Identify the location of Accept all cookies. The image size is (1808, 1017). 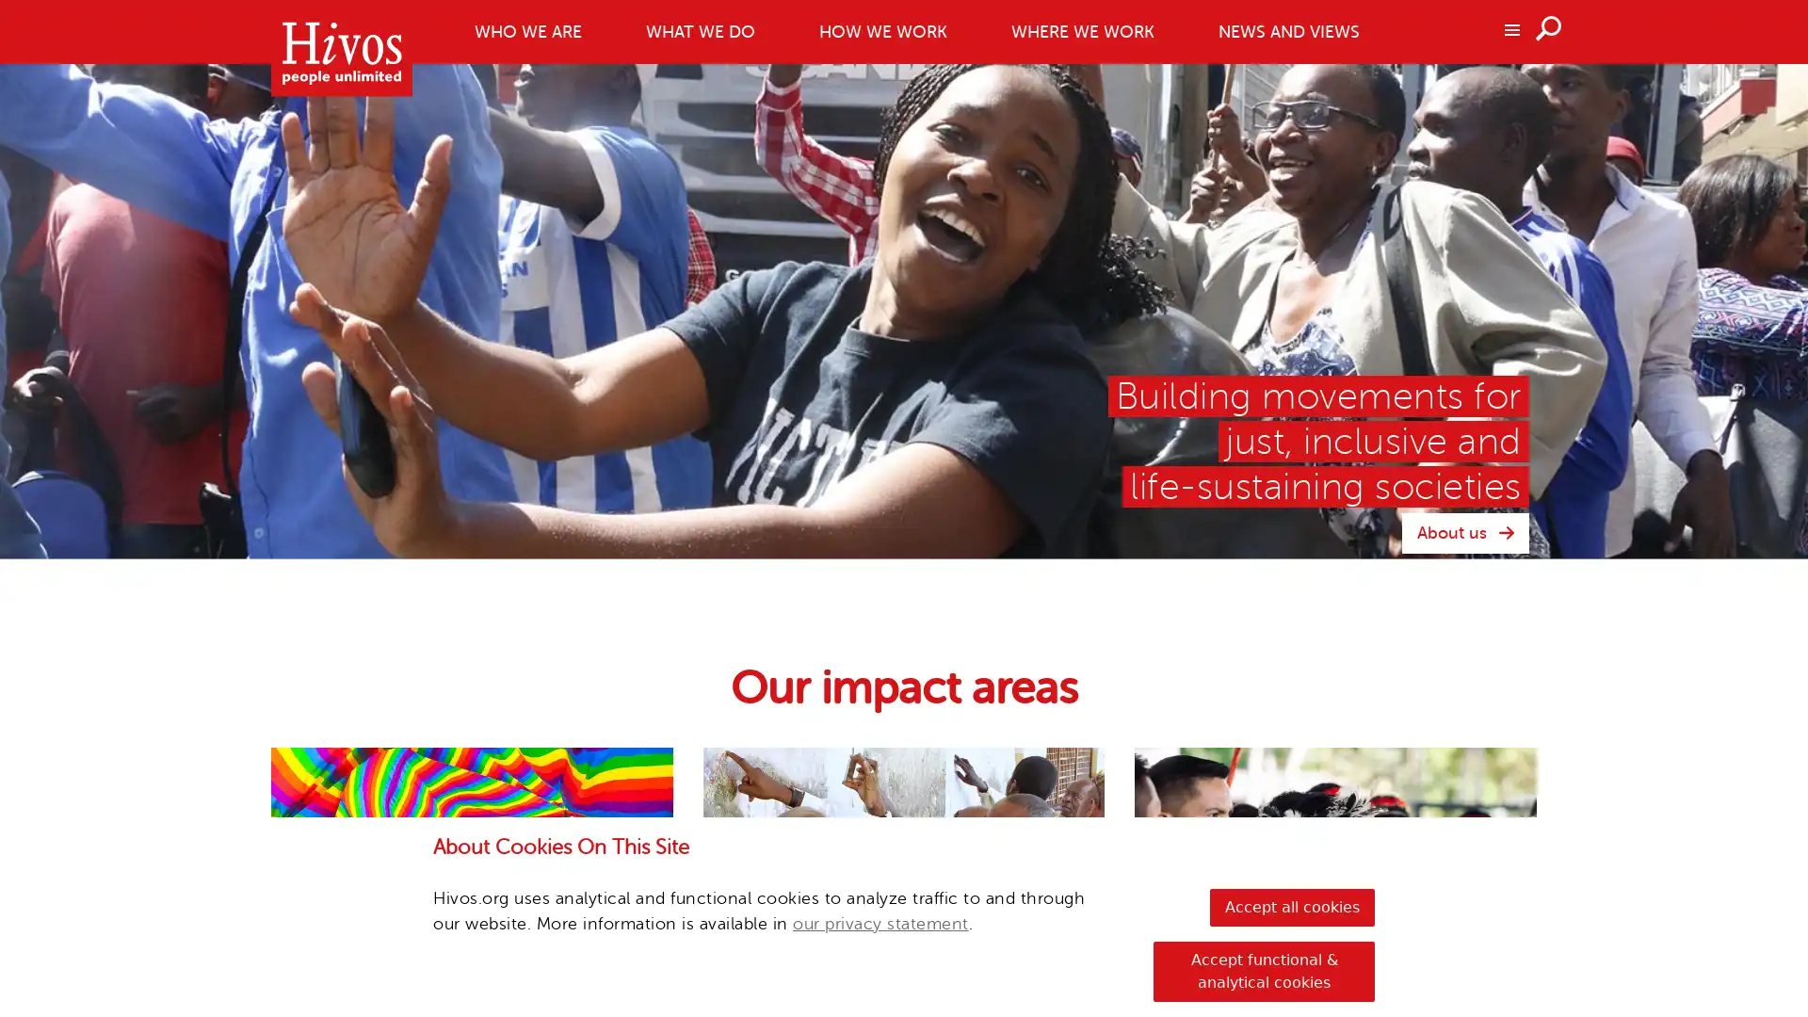
(1291, 907).